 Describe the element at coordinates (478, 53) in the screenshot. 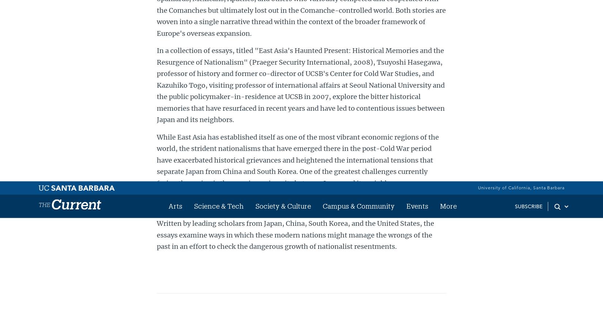

I see `'YouTube'` at that location.